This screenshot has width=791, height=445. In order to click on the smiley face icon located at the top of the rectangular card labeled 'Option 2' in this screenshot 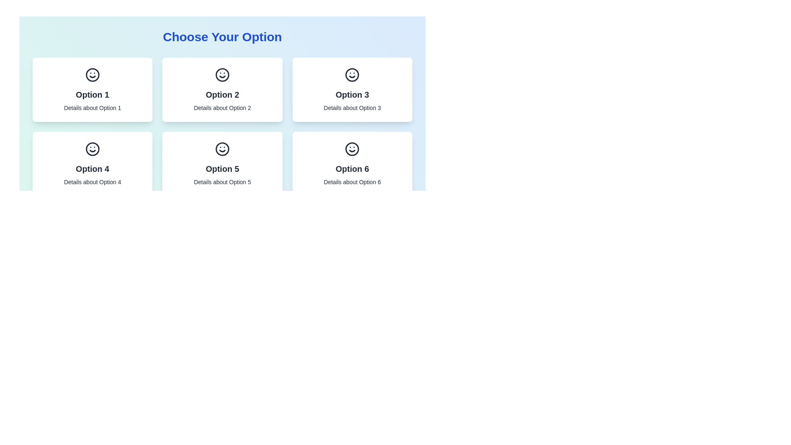, I will do `click(222, 75)`.